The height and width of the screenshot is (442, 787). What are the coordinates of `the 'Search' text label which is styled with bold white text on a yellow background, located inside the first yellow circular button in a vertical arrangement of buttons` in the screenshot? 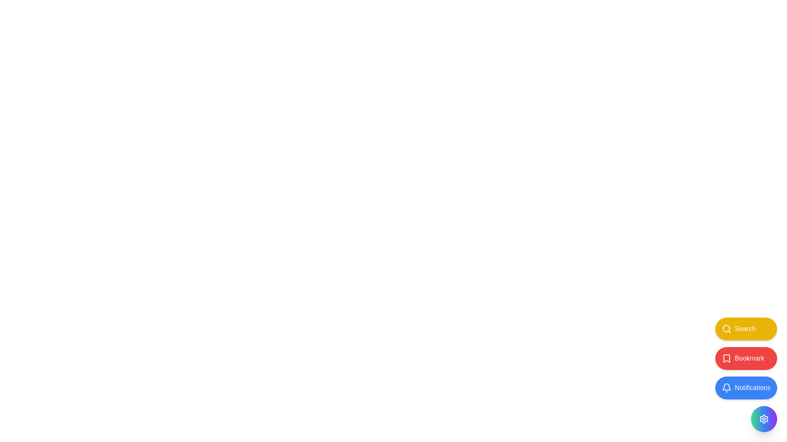 It's located at (745, 328).